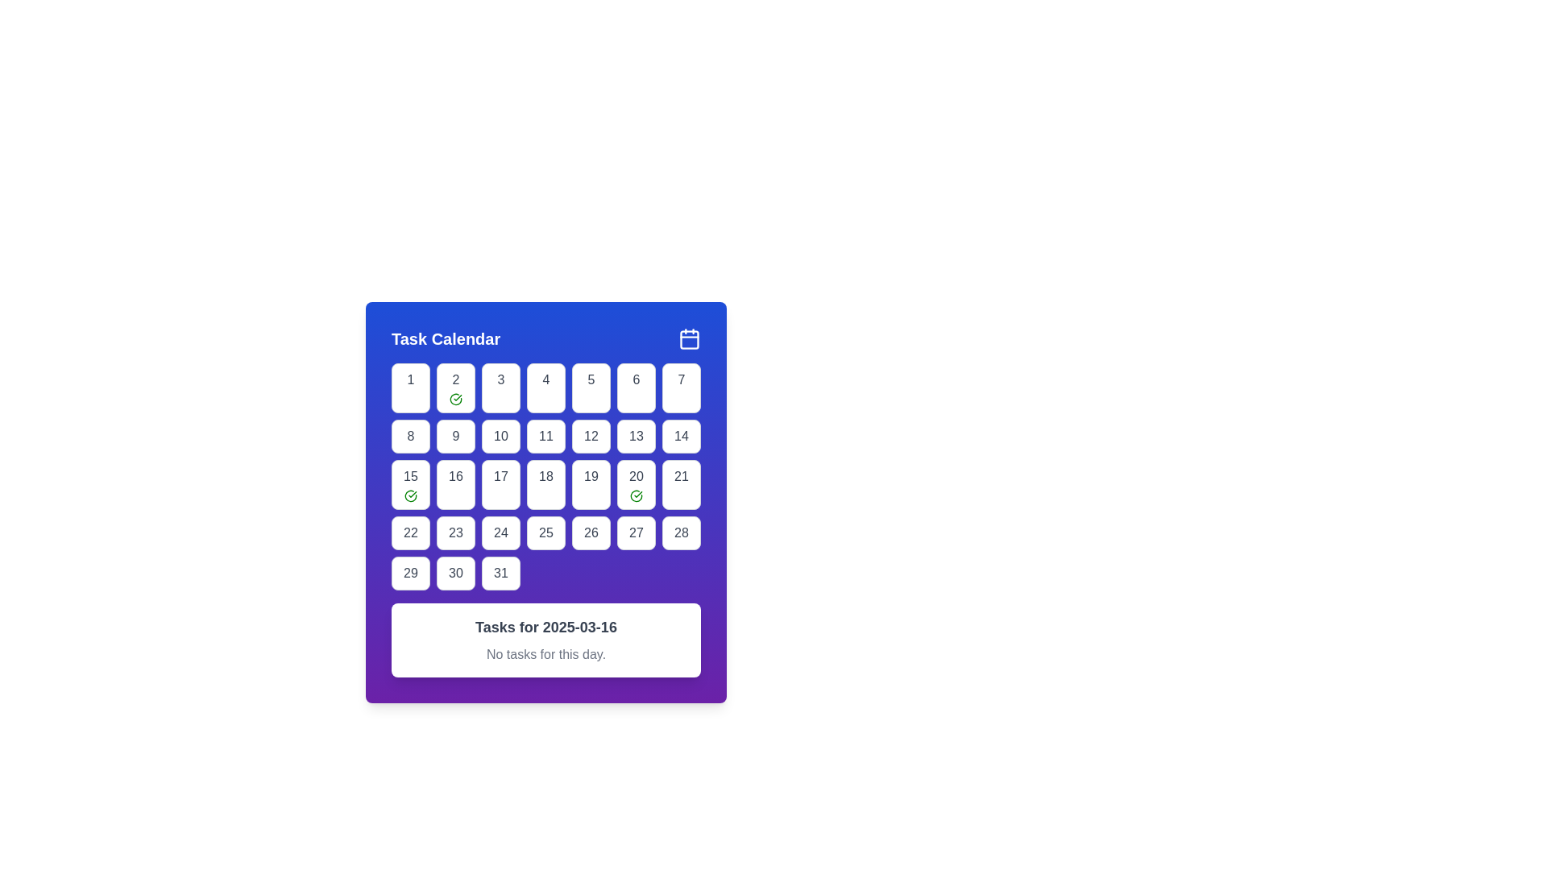 The image size is (1547, 870). I want to click on the button representing the date 6 in the calendar interface for keyboard interaction, so click(636, 388).